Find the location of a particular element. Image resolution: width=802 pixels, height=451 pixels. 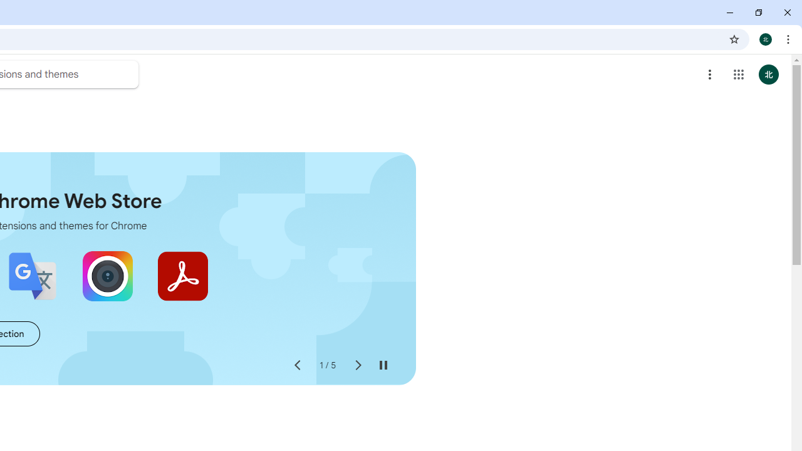

'Adobe Acrobat: PDF edit, convert, sign tools' is located at coordinates (182, 276).